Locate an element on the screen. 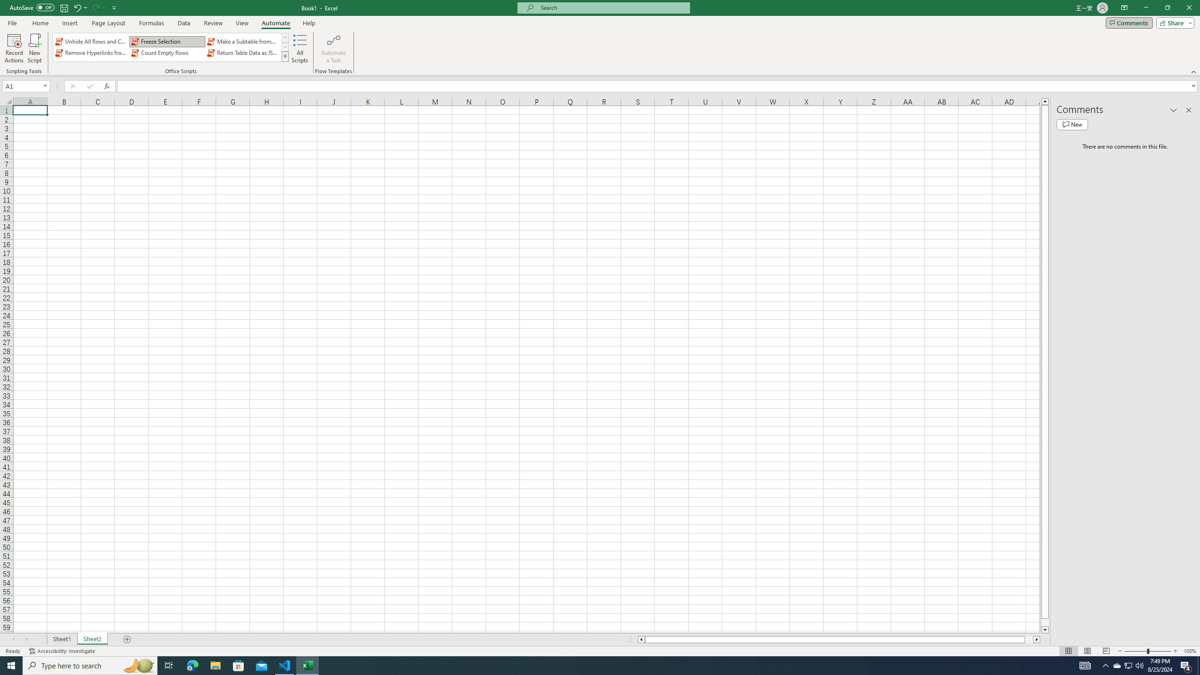 The width and height of the screenshot is (1200, 675). 'Sheet2' is located at coordinates (92, 639).